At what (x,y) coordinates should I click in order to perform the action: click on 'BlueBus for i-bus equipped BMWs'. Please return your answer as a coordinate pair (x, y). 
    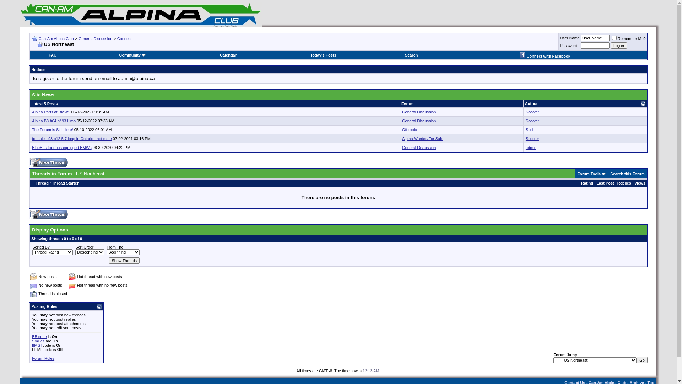
    Looking at the image, I should click on (32, 147).